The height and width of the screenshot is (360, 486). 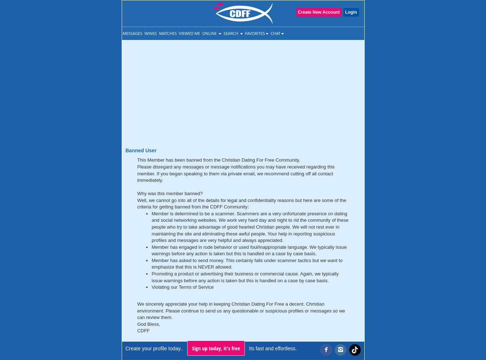 I want to click on 'Online', so click(x=210, y=33).